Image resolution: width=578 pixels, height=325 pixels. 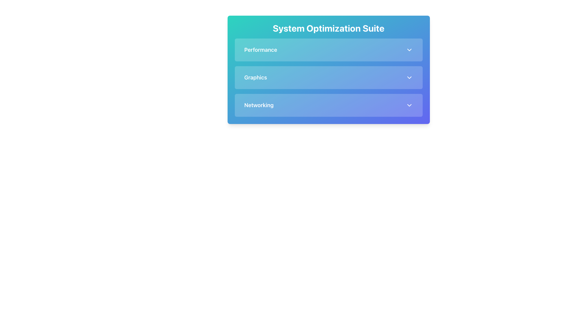 I want to click on the chevron icon located to the far right of the 'Performance' section header, so click(x=409, y=49).